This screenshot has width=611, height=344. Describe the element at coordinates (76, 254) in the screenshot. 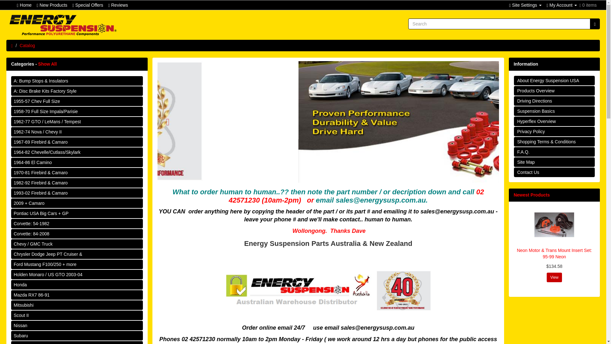

I see `'Chrysler Dodge Jeep PT Cruiser &'` at that location.